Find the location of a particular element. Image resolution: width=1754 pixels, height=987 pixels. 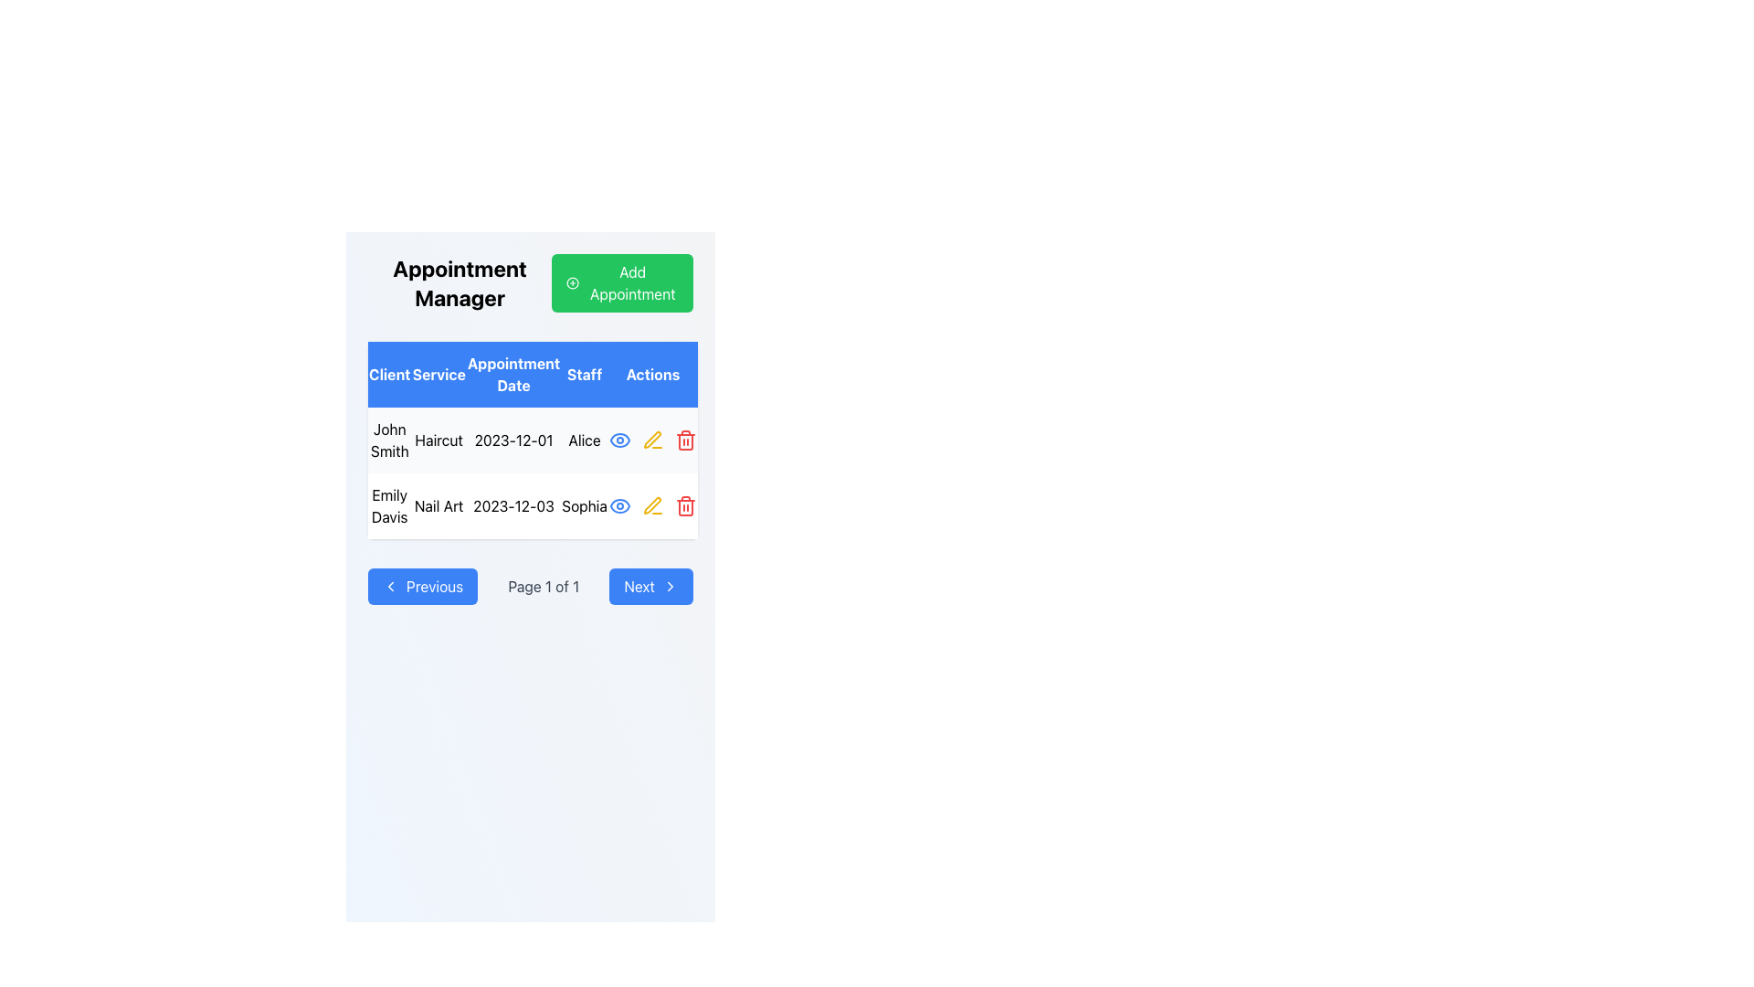

the second table row representing an appointment entry, which includes the client's name, service, appointment date, staff responsible, and action buttons for interaction is located at coordinates (532, 506).